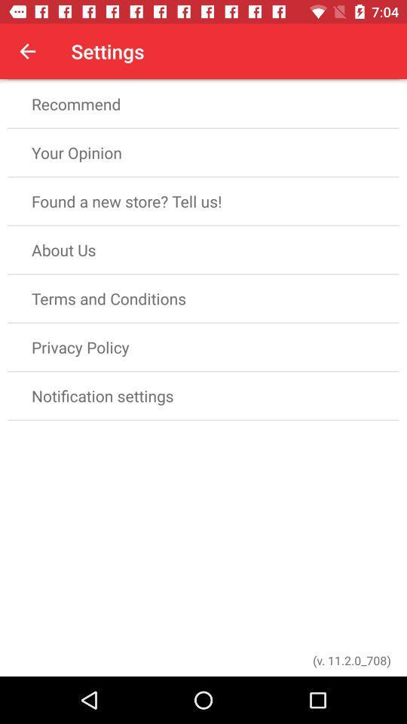  What do you see at coordinates (203, 347) in the screenshot?
I see `privacy policy` at bounding box center [203, 347].